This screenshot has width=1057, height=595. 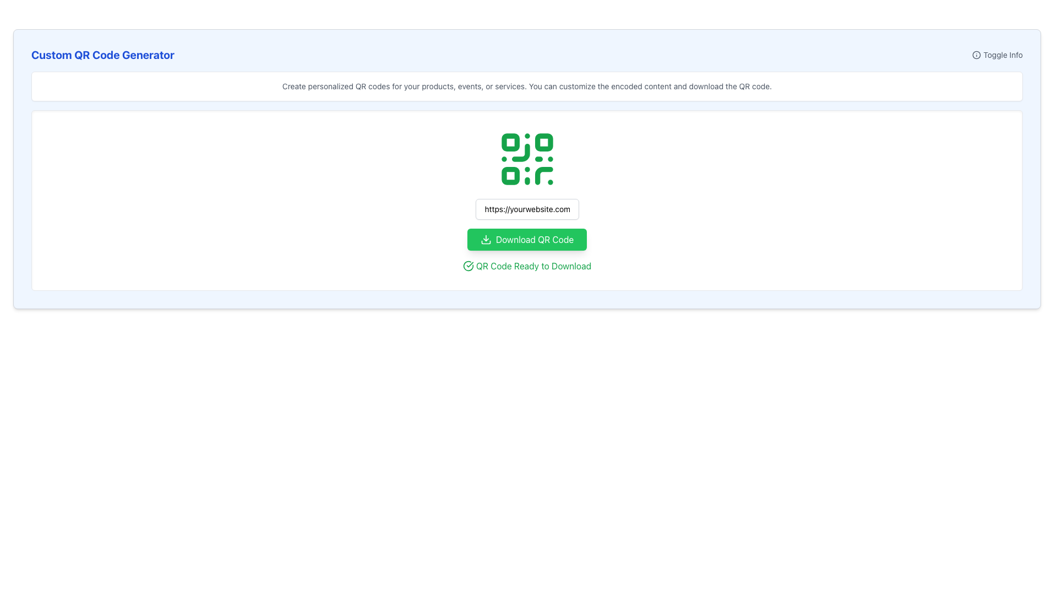 What do you see at coordinates (526, 239) in the screenshot?
I see `the green 'Download QR Code' button with a downward arrow icon, which is located below the text input field and above the text 'QR Code Ready to Download'` at bounding box center [526, 239].